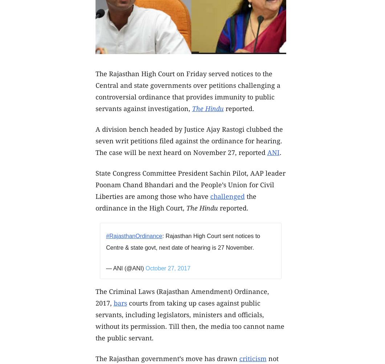  I want to click on 'State Congress Committee President Sachin Pilot, AAP leader Poonam Chand Bhandari and the People’s Union for Civil Liberties are among those who have', so click(190, 184).